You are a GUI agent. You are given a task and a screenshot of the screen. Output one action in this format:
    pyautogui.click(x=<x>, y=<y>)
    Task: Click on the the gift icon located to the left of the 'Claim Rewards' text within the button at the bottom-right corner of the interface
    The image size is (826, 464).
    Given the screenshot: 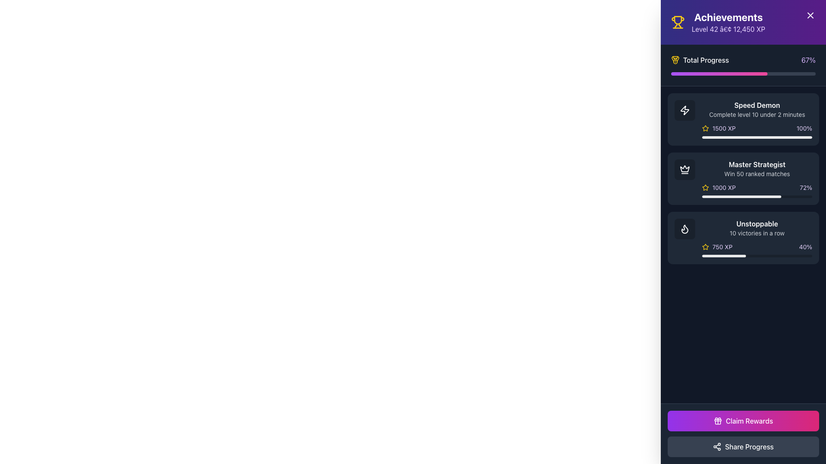 What is the action you would take?
    pyautogui.click(x=718, y=420)
    